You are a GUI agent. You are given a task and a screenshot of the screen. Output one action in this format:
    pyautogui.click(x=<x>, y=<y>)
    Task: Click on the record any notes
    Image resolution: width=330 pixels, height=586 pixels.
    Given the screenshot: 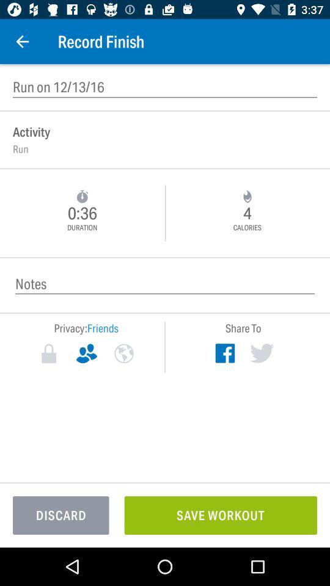 What is the action you would take?
    pyautogui.click(x=165, y=283)
    